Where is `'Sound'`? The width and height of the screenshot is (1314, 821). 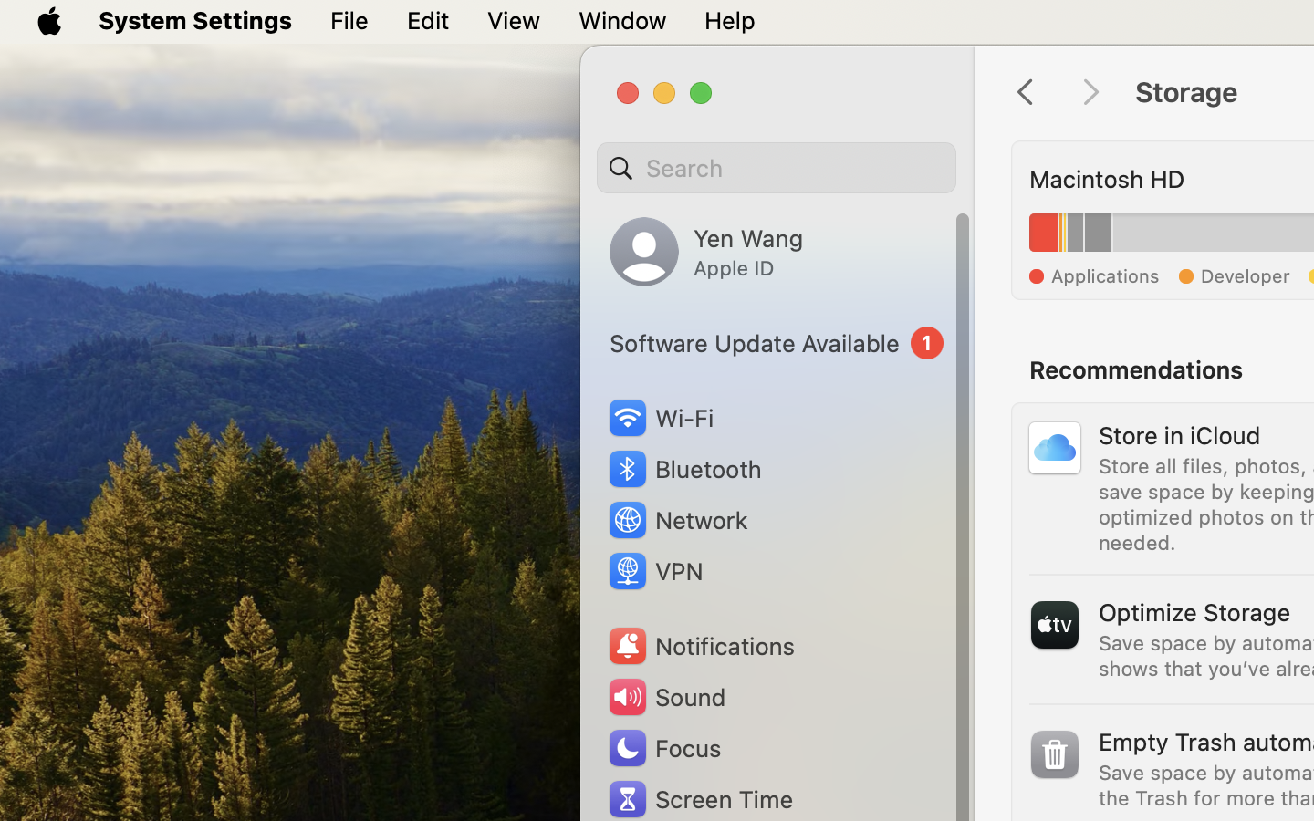 'Sound' is located at coordinates (664, 696).